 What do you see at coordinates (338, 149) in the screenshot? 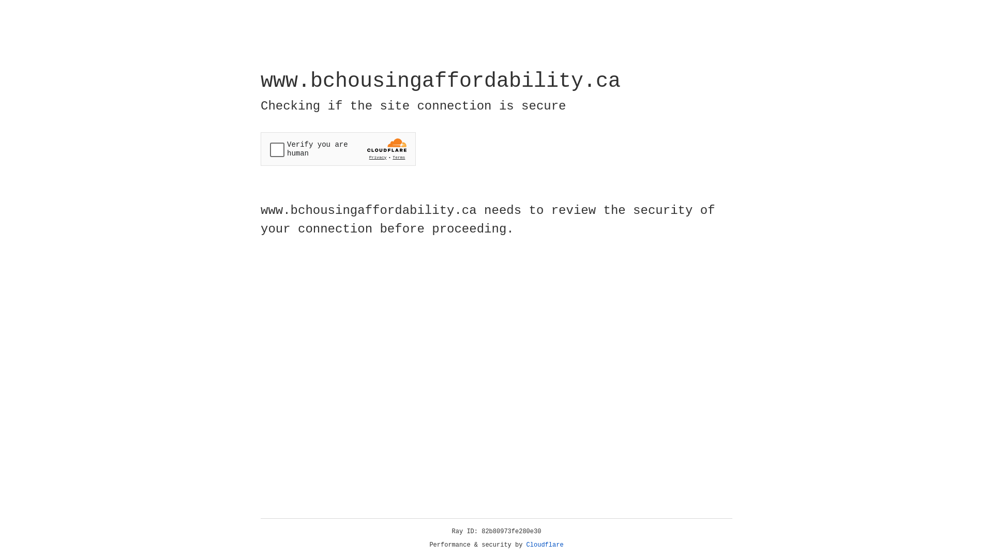
I see `'Widget containing a Cloudflare security challenge'` at bounding box center [338, 149].